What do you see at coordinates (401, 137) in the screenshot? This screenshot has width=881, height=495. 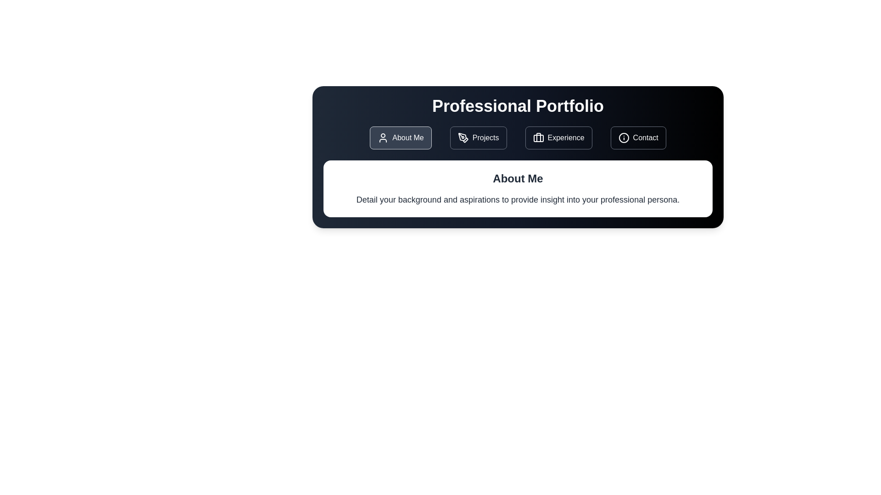 I see `the first button from the left in the group of four buttons` at bounding box center [401, 137].